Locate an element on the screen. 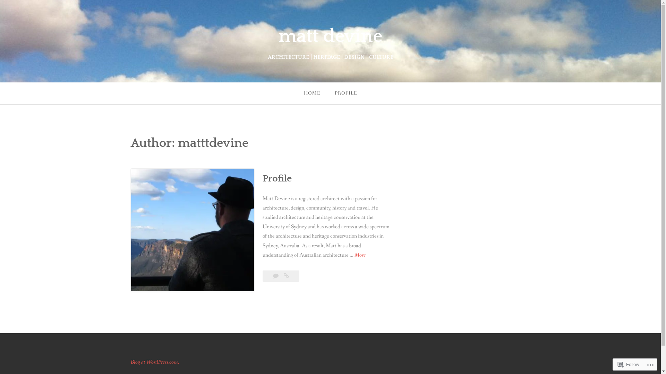 The image size is (666, 374). 'HOME' is located at coordinates (296, 93).